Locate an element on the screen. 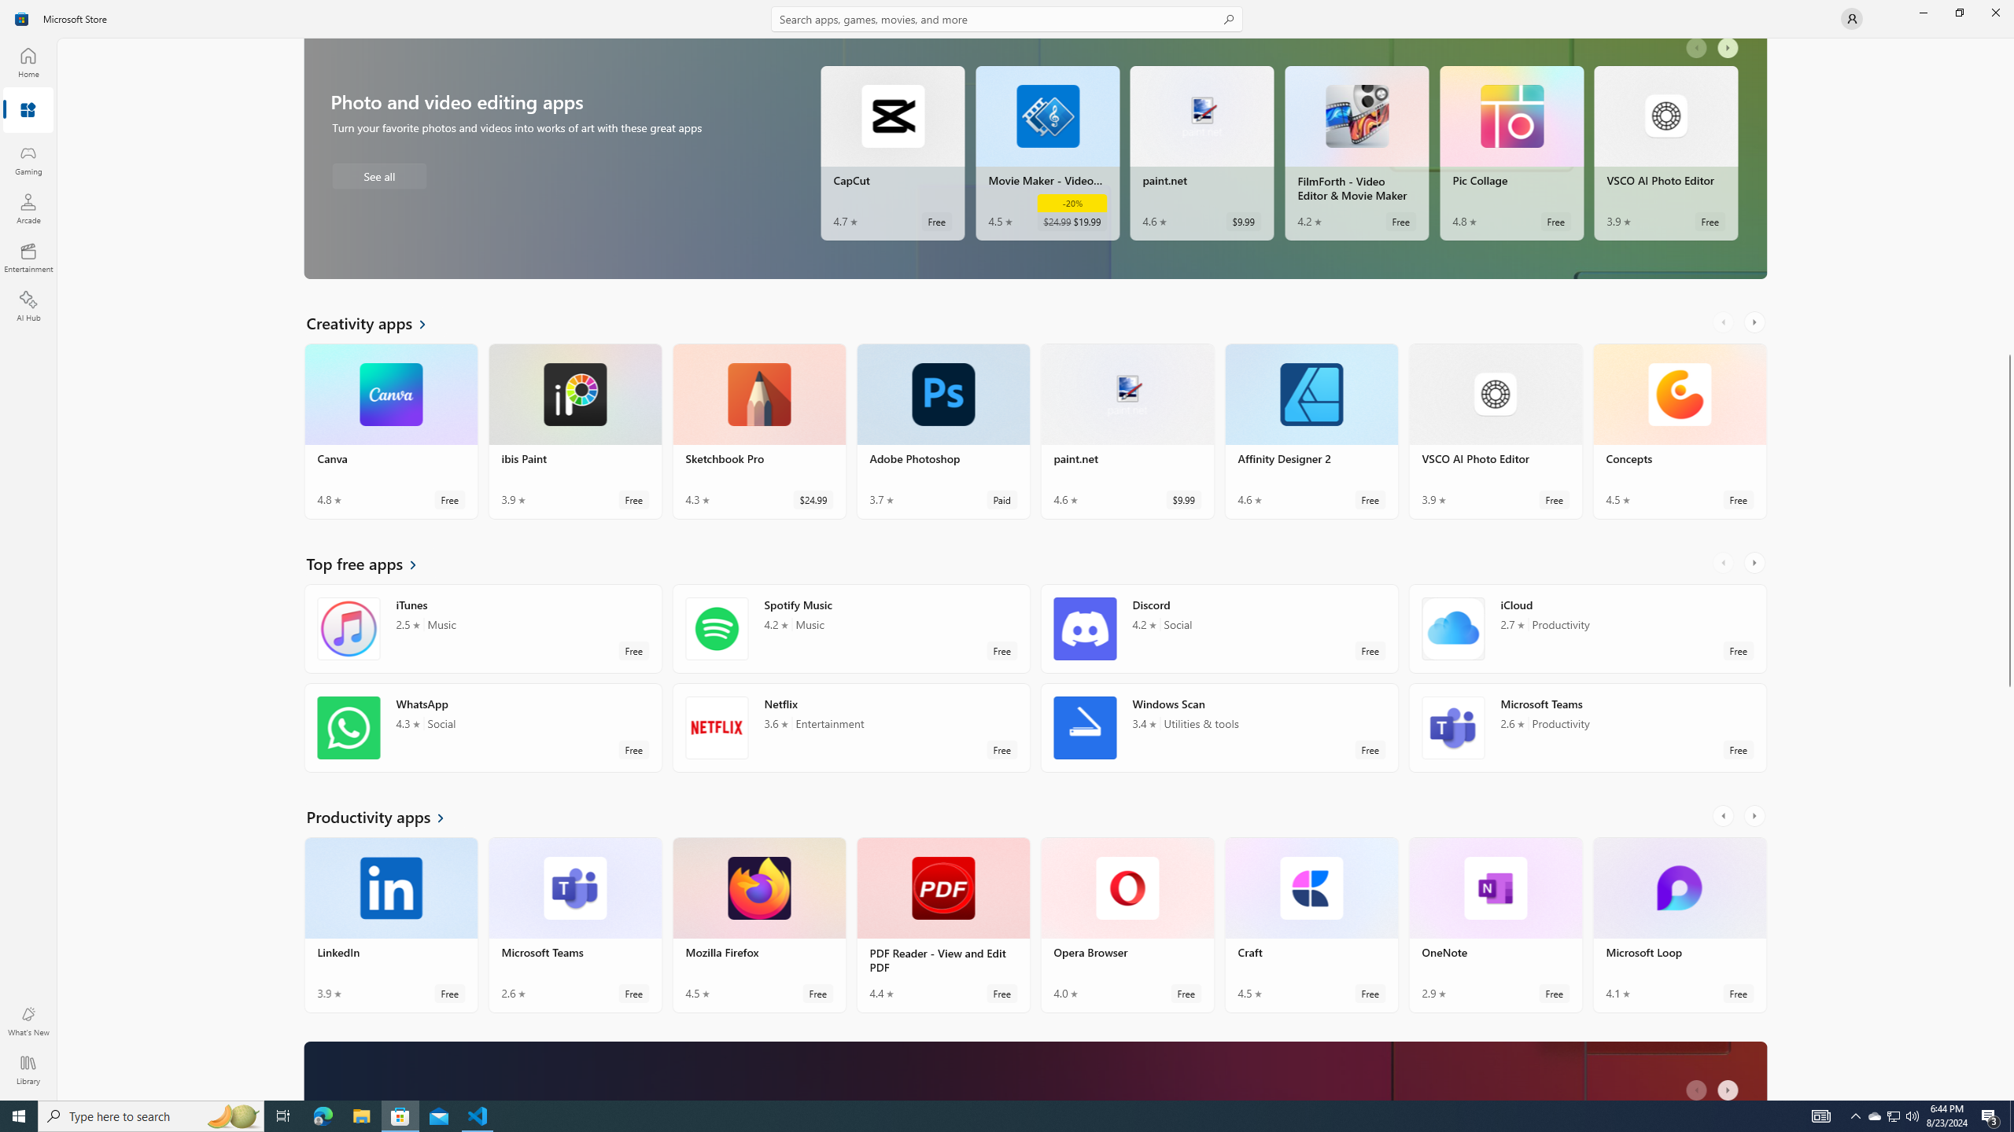 The width and height of the screenshot is (2014, 1132). 'iCloud. Average rating of 2.7 out of five stars. Free  ' is located at coordinates (1587, 627).